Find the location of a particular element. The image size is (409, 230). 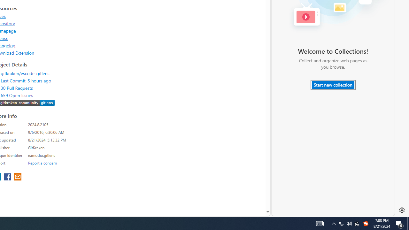

'share extension on facebook' is located at coordinates (8, 177).